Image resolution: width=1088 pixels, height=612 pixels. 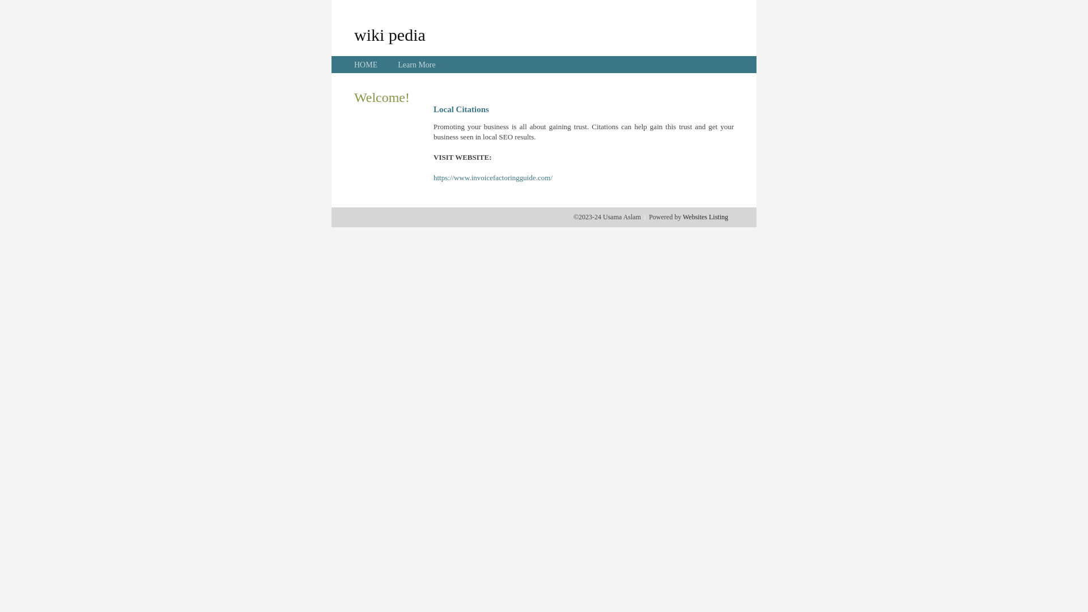 I want to click on 'https://www.invoicefactoringguide.com/', so click(x=492, y=177).